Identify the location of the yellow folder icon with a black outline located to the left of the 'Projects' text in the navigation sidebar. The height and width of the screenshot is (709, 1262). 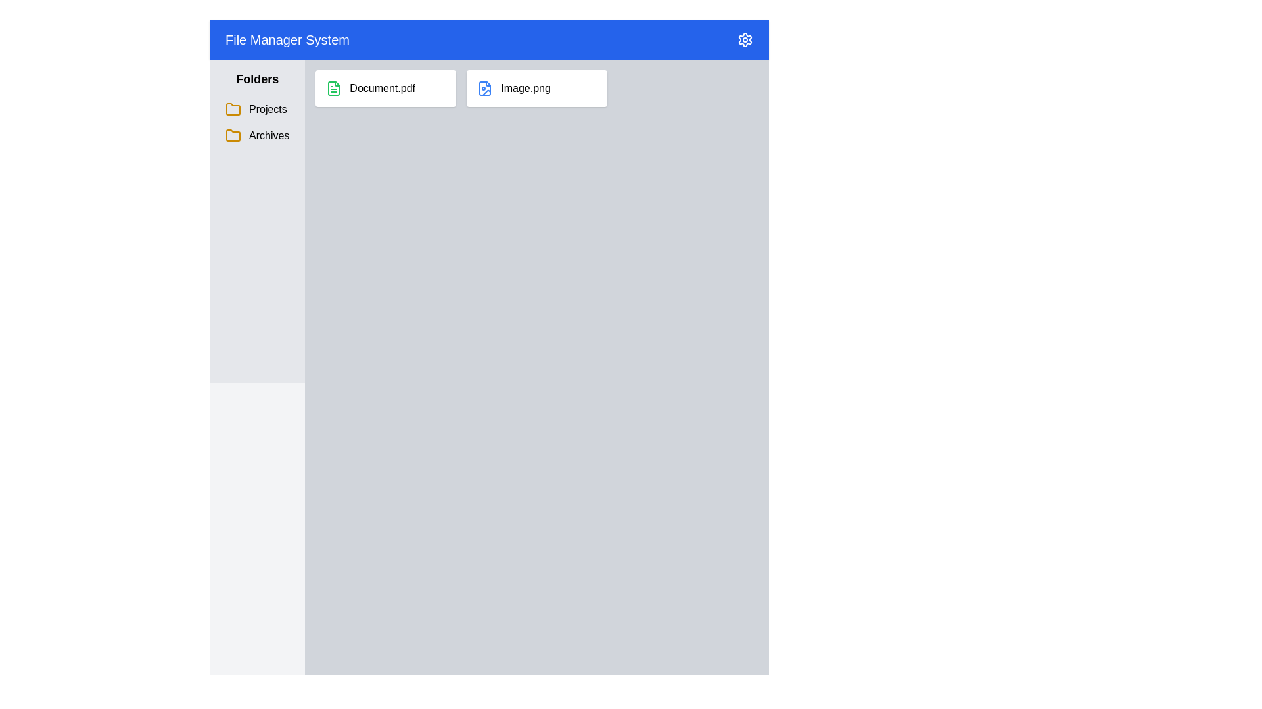
(233, 108).